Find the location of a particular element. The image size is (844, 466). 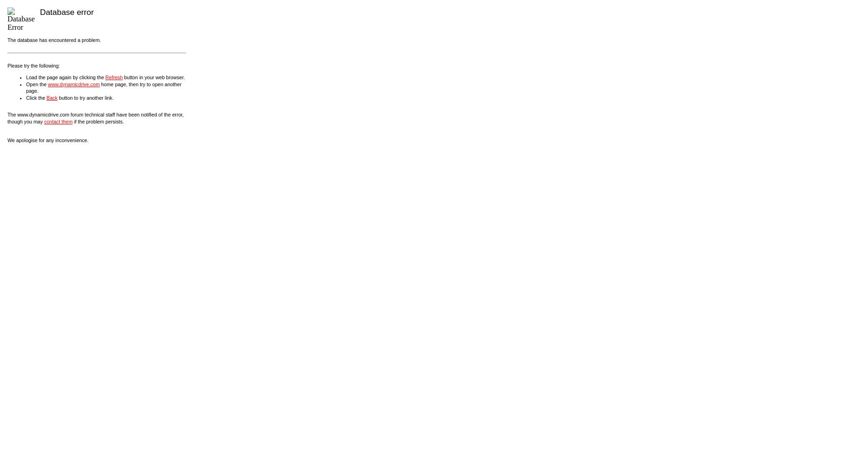

'Load the page again by clicking the' is located at coordinates (26, 77).